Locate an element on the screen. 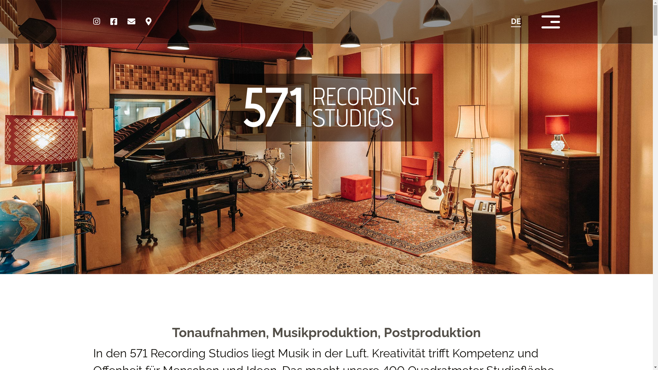 The height and width of the screenshot is (370, 658). 'map' is located at coordinates (145, 21).